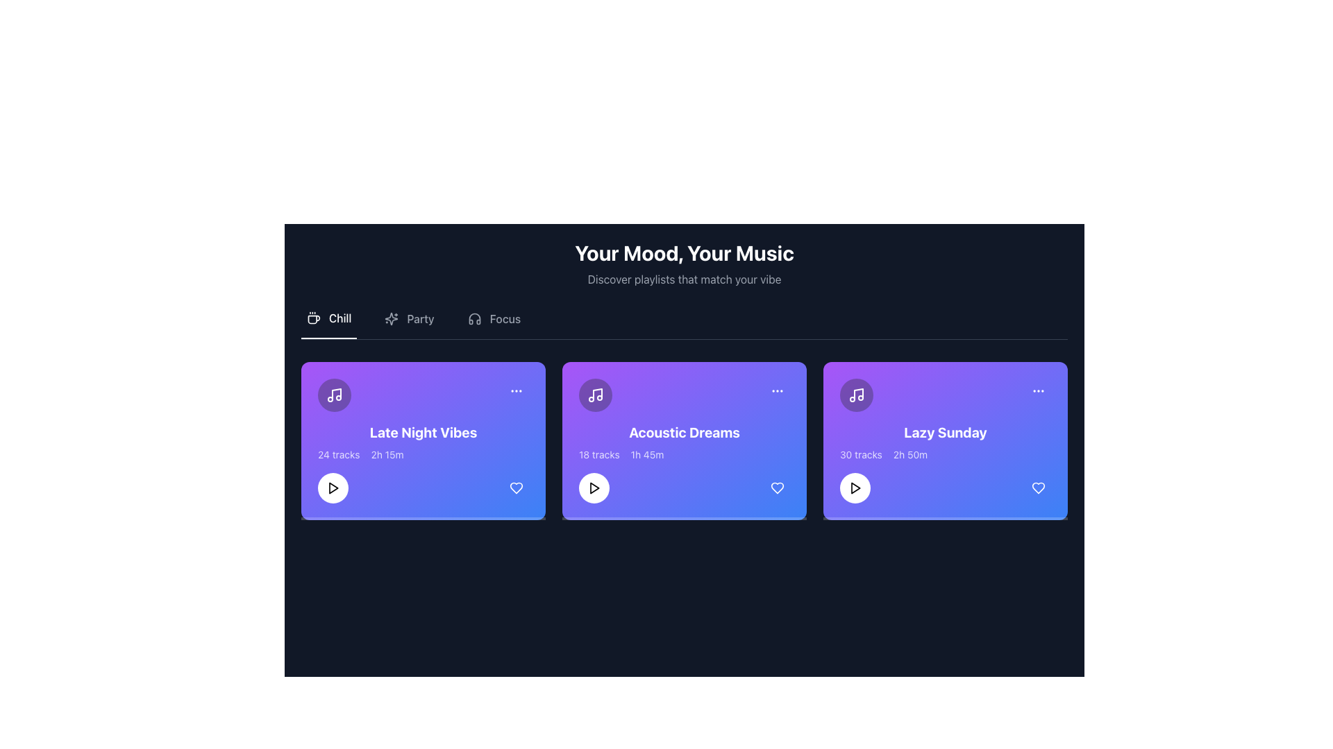 Image resolution: width=1333 pixels, height=749 pixels. I want to click on the play button located in the center of the middle card, which is positioned between 'Late Night Vibes' and 'Lazy Sunday', so click(594, 488).